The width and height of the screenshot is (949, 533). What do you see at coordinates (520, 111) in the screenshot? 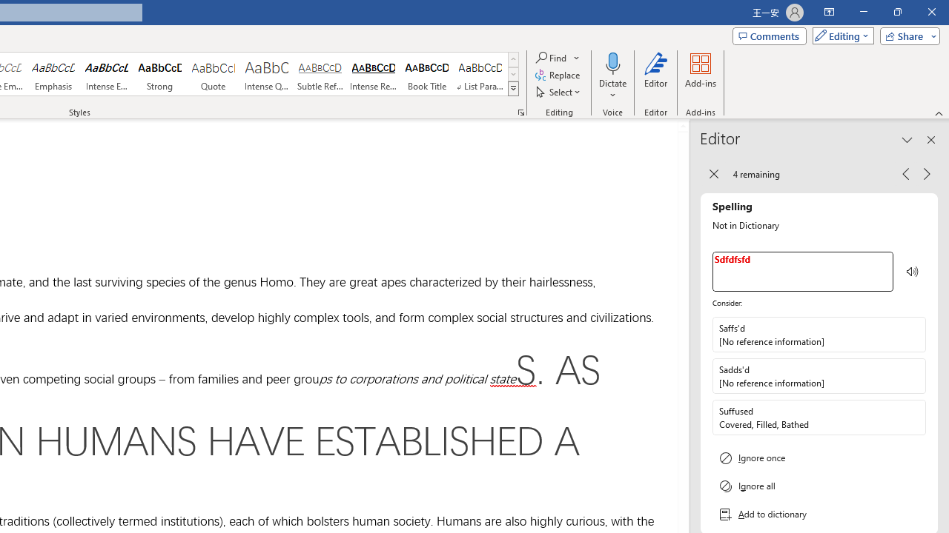
I see `'Styles...'` at bounding box center [520, 111].